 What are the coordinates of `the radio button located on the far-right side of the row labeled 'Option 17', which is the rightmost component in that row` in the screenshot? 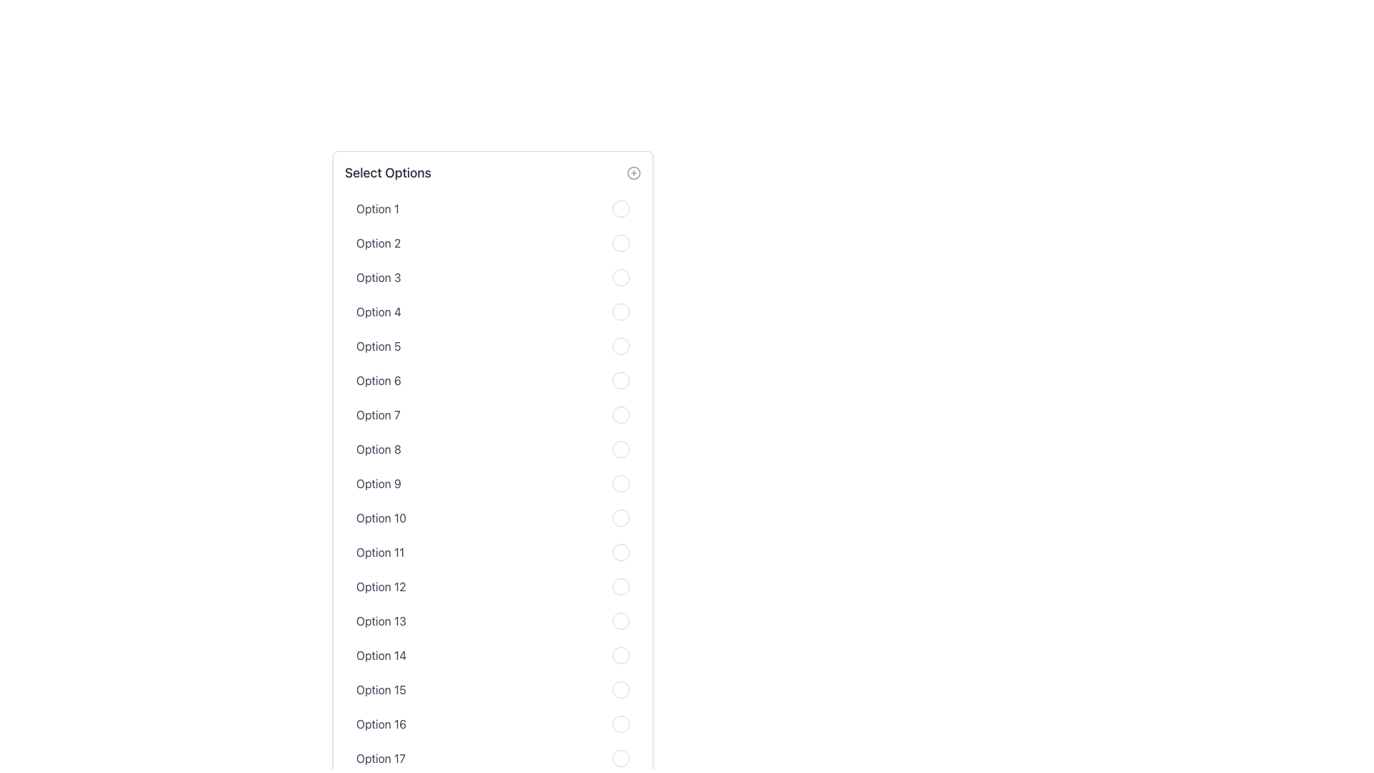 It's located at (621, 758).